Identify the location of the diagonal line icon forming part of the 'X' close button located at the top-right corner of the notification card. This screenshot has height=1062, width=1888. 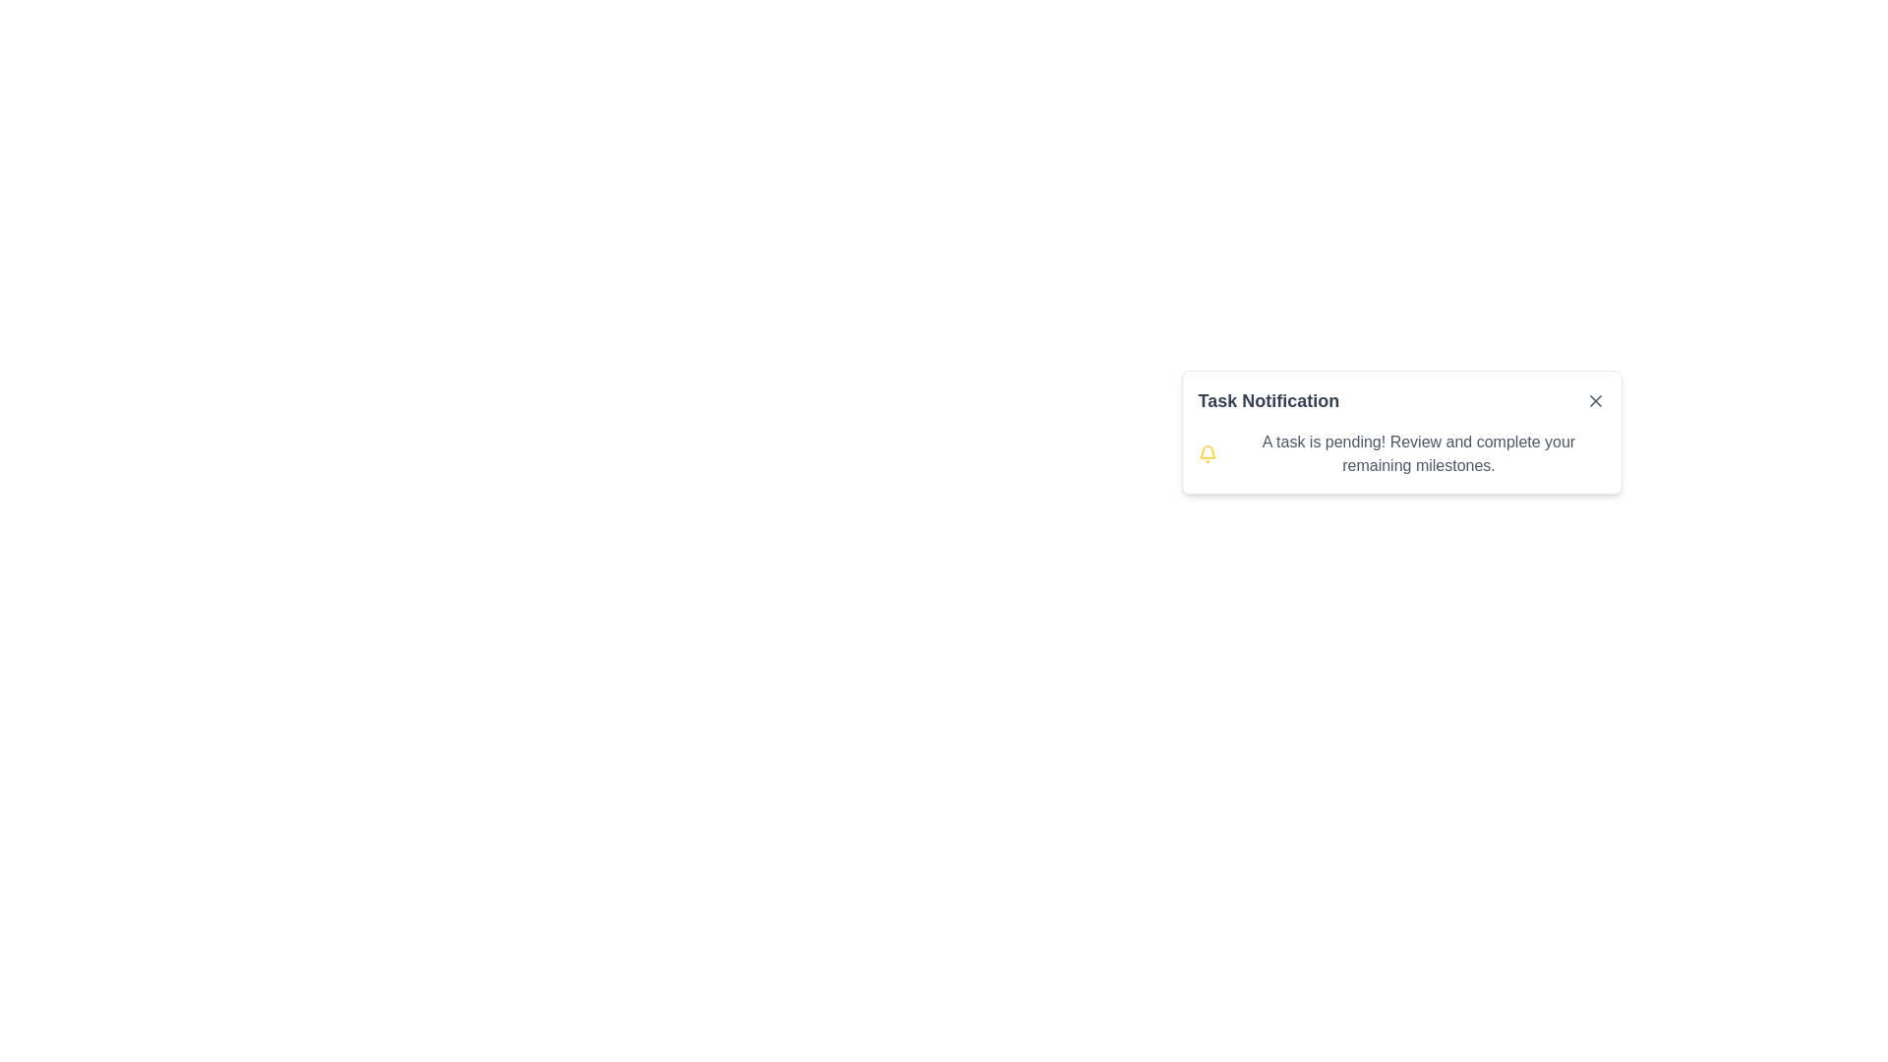
(1595, 400).